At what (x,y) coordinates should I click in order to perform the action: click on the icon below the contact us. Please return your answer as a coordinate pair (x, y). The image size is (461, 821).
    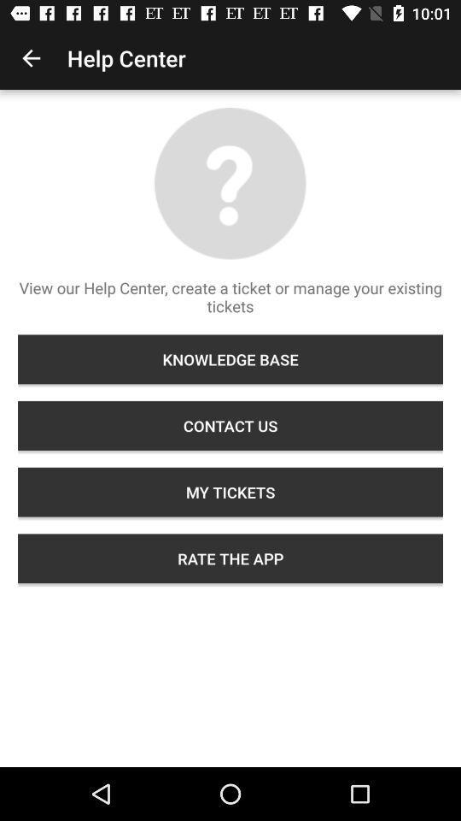
    Looking at the image, I should click on (230, 492).